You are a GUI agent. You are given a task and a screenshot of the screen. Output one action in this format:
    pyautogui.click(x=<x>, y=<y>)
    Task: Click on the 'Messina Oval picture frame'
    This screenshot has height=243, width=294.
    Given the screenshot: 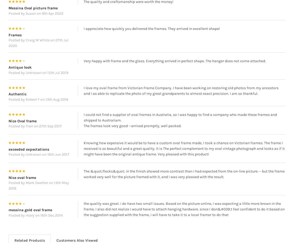 What is the action you would take?
    pyautogui.click(x=33, y=16)
    